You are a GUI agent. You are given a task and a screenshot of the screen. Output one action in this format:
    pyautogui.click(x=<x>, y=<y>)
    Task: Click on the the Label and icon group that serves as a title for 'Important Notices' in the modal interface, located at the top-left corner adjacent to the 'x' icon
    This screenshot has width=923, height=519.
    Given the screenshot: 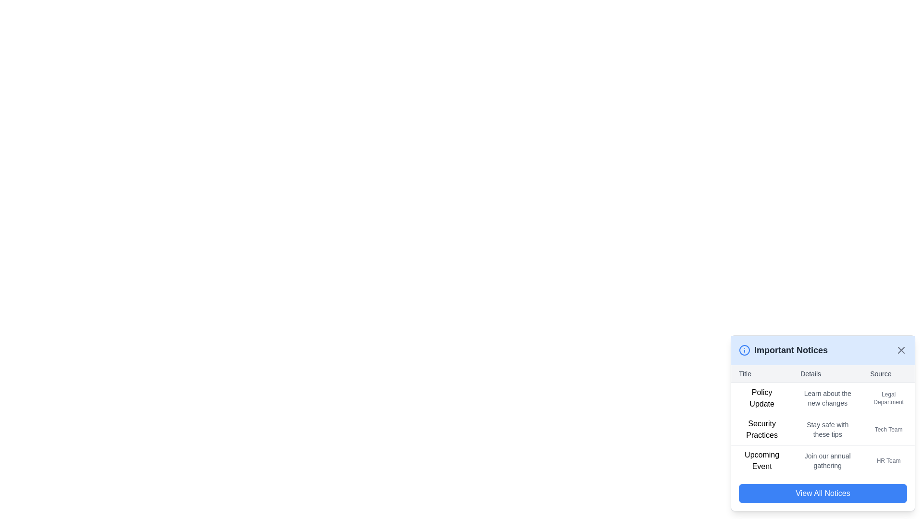 What is the action you would take?
    pyautogui.click(x=783, y=350)
    